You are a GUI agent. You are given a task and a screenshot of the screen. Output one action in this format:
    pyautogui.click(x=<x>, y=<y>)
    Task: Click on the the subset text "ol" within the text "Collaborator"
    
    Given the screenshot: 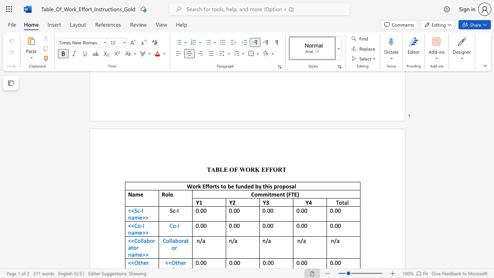 What is the action you would take?
    pyautogui.click(x=166, y=240)
    